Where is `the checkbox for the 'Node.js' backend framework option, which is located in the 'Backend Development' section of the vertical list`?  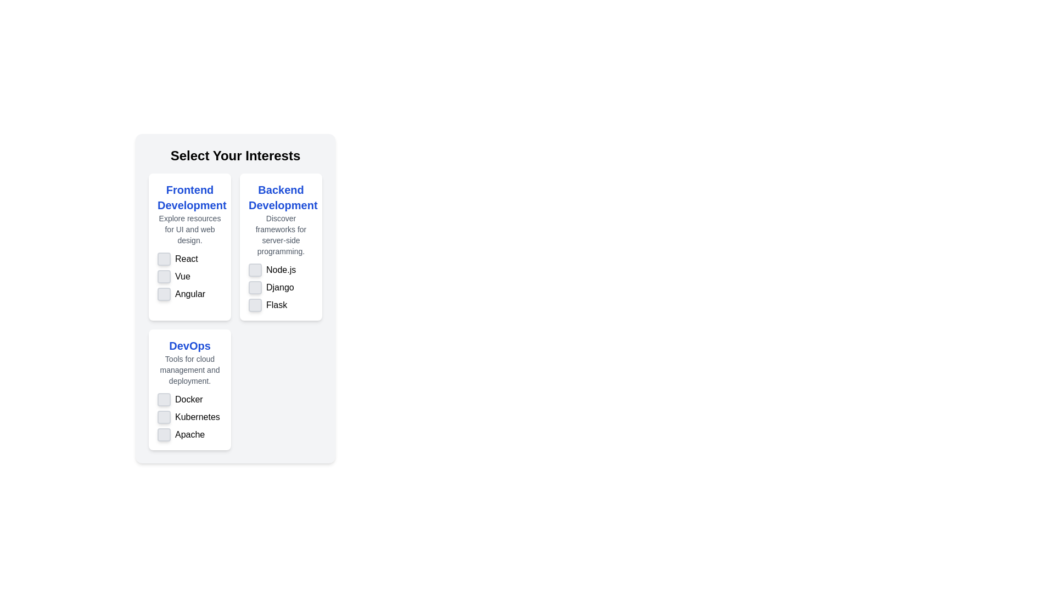
the checkbox for the 'Node.js' backend framework option, which is located in the 'Backend Development' section of the vertical list is located at coordinates (281, 270).